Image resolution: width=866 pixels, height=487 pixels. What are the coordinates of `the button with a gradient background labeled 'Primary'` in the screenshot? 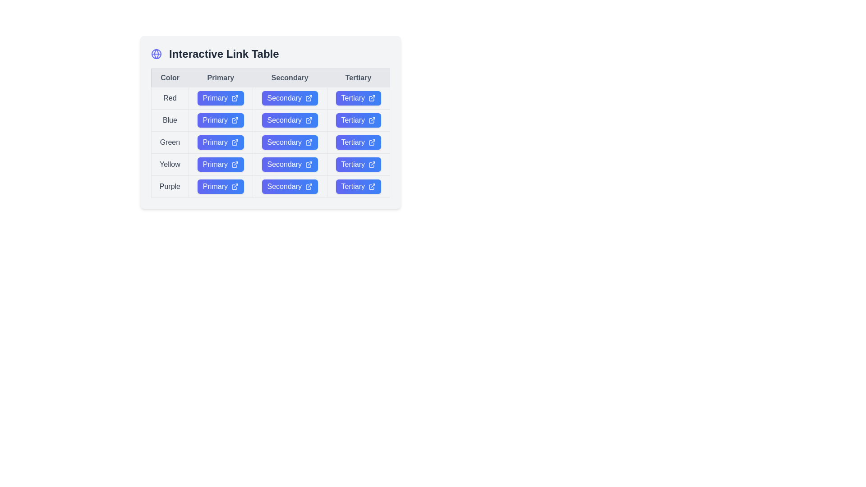 It's located at (221, 98).